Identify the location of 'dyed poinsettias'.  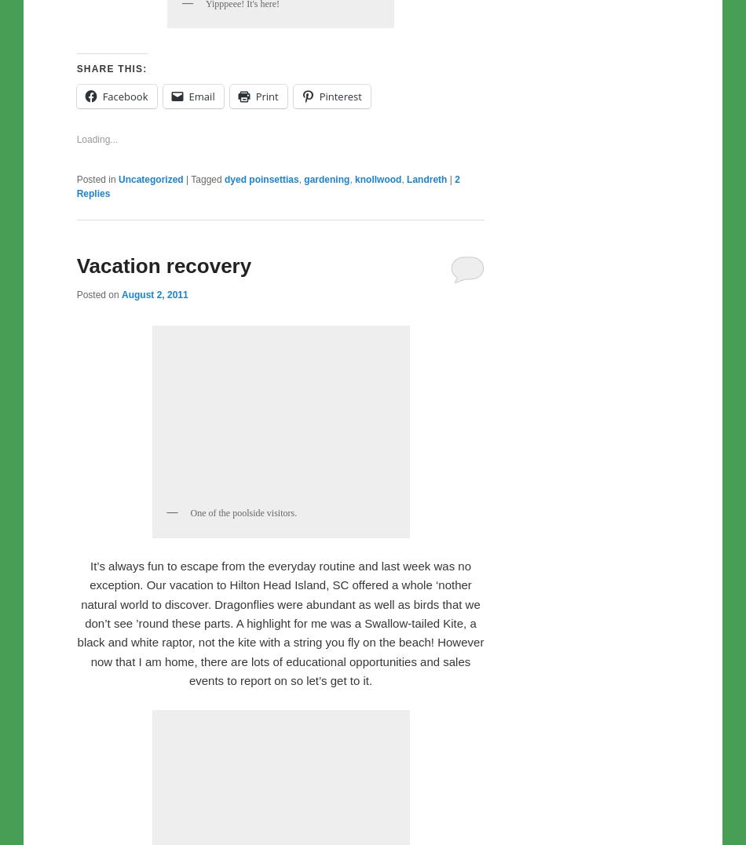
(224, 507).